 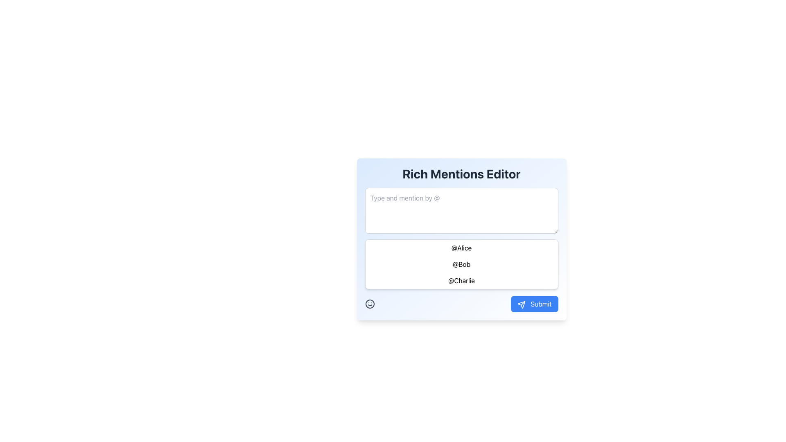 What do you see at coordinates (461, 264) in the screenshot?
I see `the dropdown list item '@Bob' which is a white dropdown-like list with rounded corners, located below the text input box with placeholder 'Type and mention by @'` at bounding box center [461, 264].